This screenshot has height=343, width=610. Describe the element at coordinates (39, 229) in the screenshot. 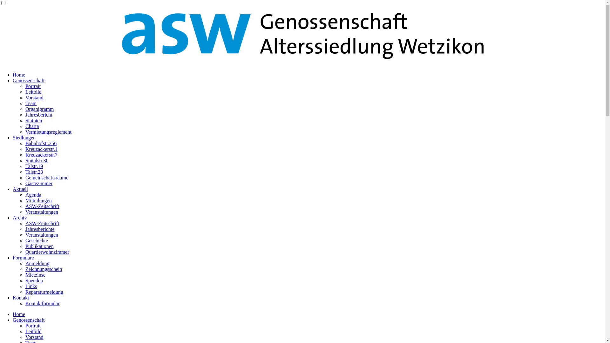

I see `'Jahresberichte'` at that location.